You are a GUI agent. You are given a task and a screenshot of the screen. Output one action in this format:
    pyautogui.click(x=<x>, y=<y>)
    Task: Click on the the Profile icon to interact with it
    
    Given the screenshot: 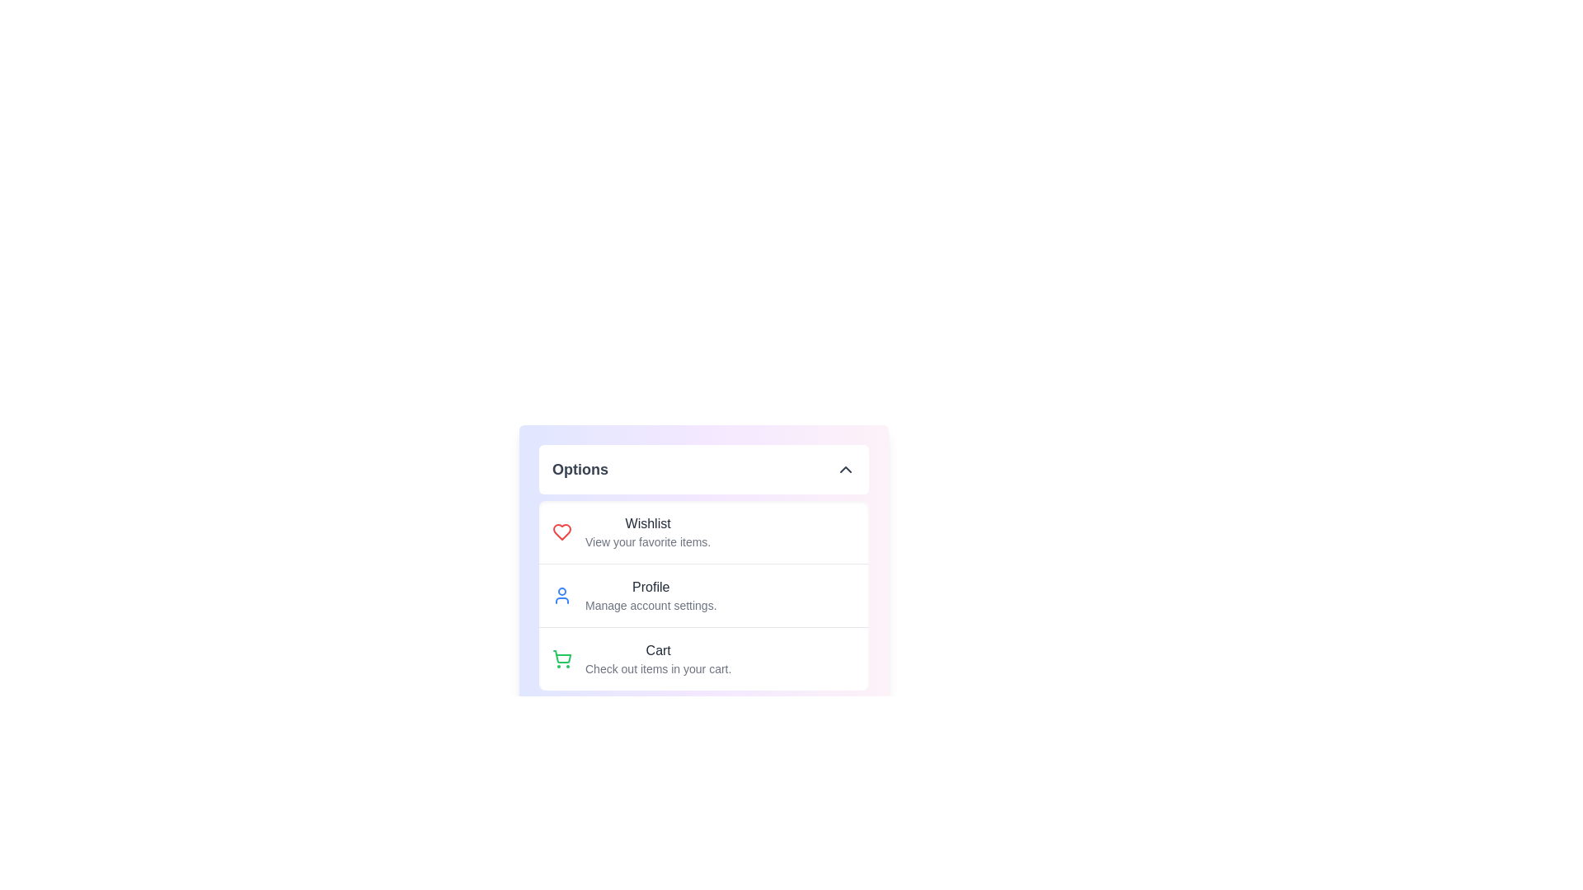 What is the action you would take?
    pyautogui.click(x=561, y=595)
    